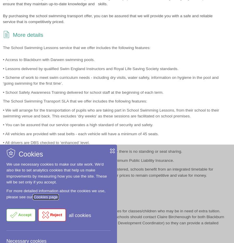 Image resolution: width=234 pixels, height=243 pixels. I want to click on 'School Swimming Booster Lessons 23-24 (DOCX , 3.36 KB)', so click(58, 178).